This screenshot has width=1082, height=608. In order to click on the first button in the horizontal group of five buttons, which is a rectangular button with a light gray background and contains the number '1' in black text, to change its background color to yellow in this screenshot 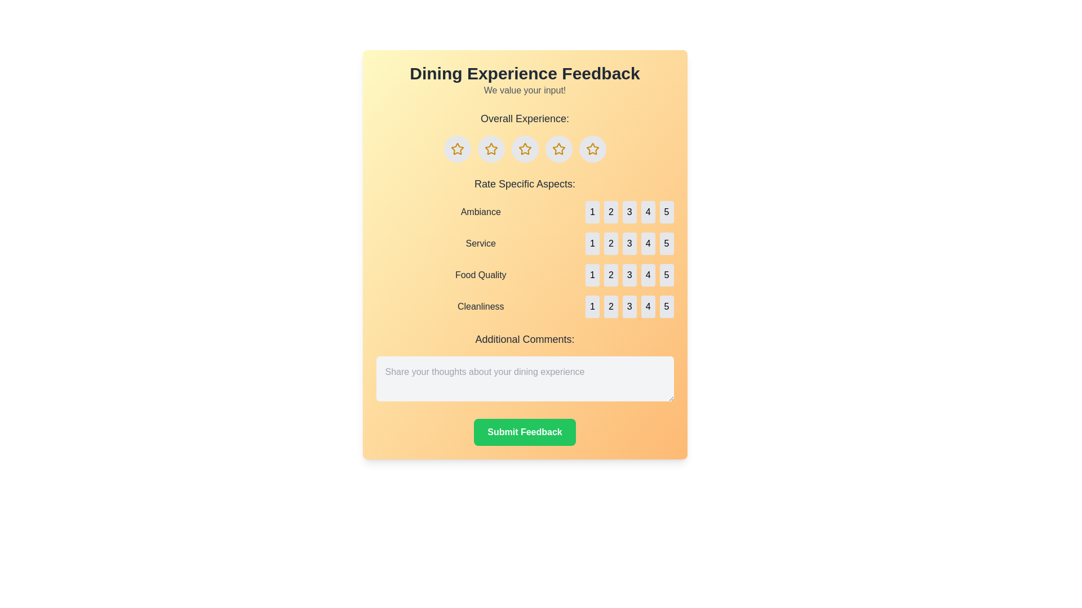, I will do `click(592, 243)`.